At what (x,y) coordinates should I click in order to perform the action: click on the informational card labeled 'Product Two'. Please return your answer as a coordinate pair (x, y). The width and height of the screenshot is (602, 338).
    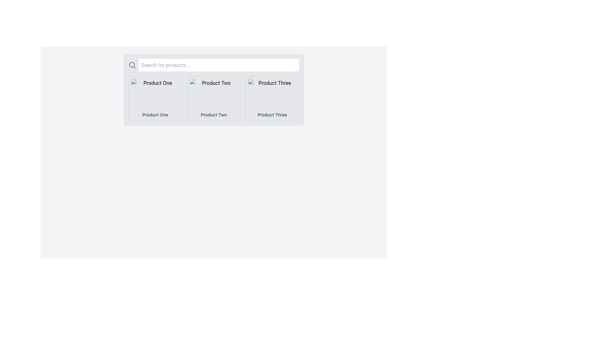
    Looking at the image, I should click on (214, 99).